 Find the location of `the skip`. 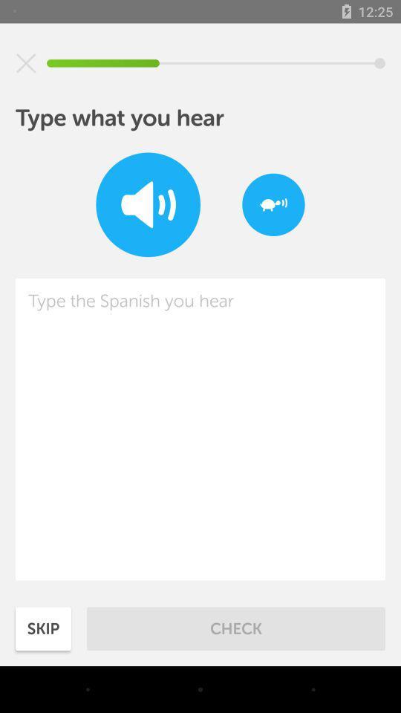

the skip is located at coordinates (43, 628).